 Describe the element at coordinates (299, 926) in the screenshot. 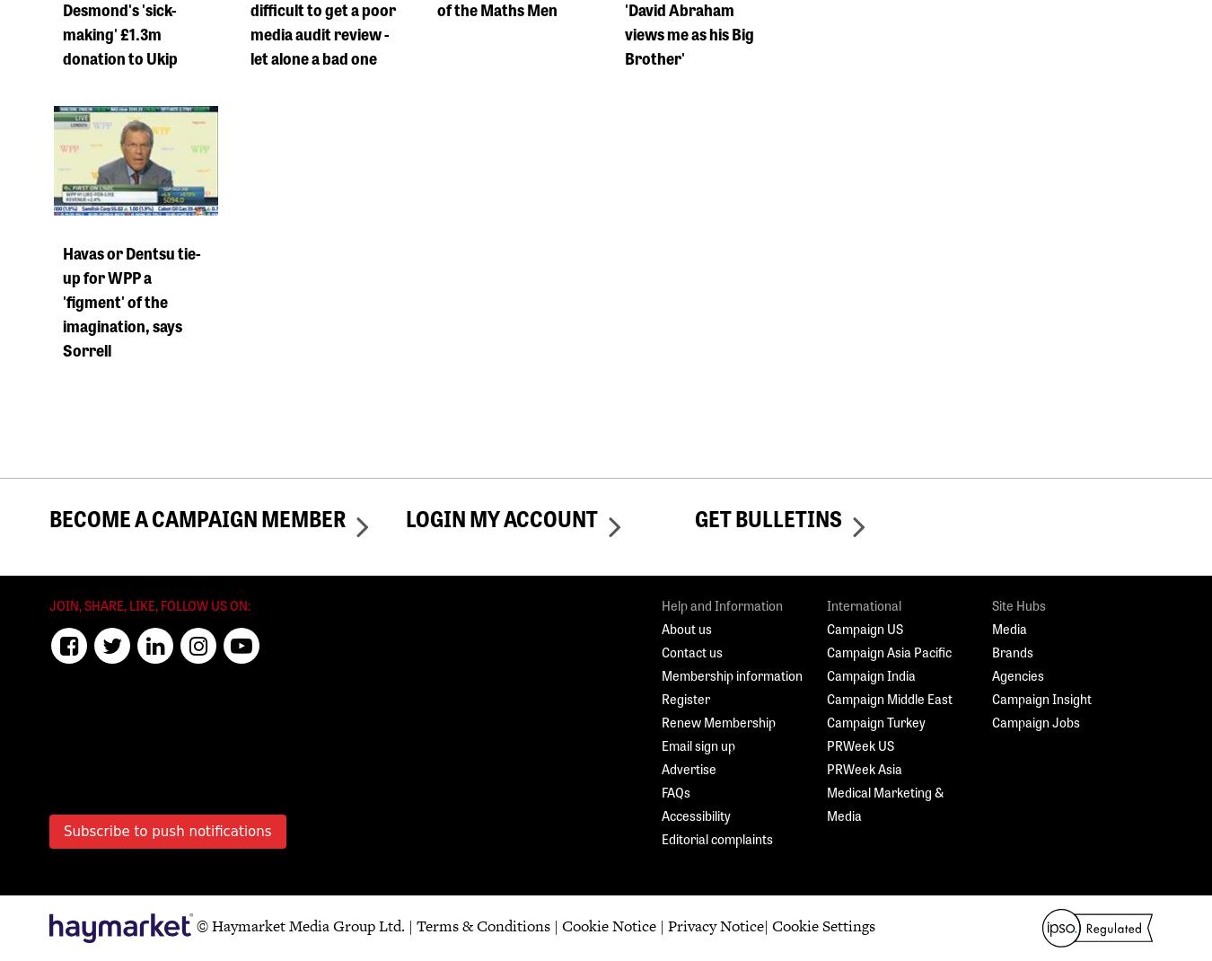

I see `'© Haymarket Media Group Ltd.'` at that location.